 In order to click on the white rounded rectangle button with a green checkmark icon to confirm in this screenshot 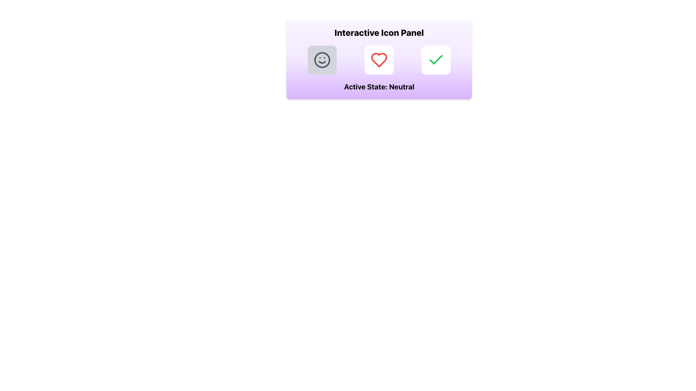, I will do `click(436, 59)`.